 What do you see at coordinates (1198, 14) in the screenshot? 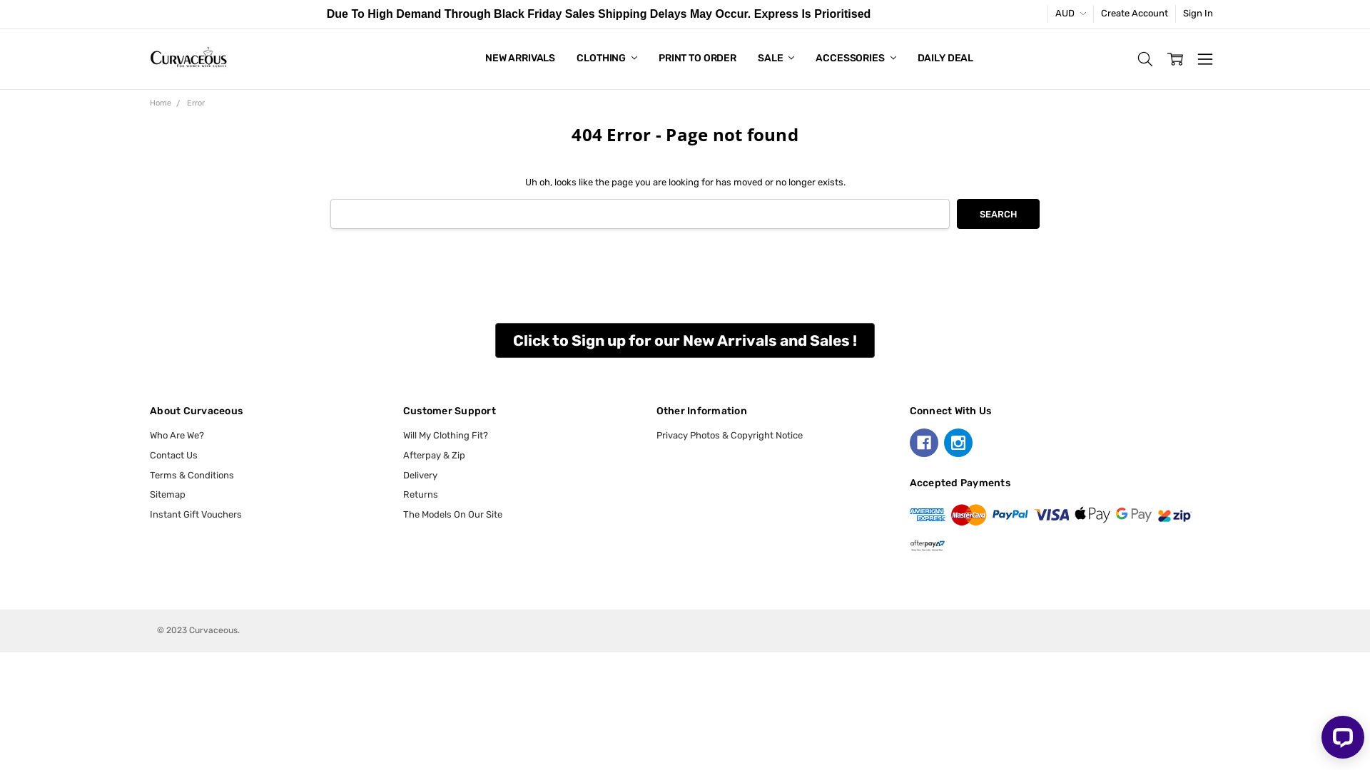
I see `'Sign In'` at bounding box center [1198, 14].